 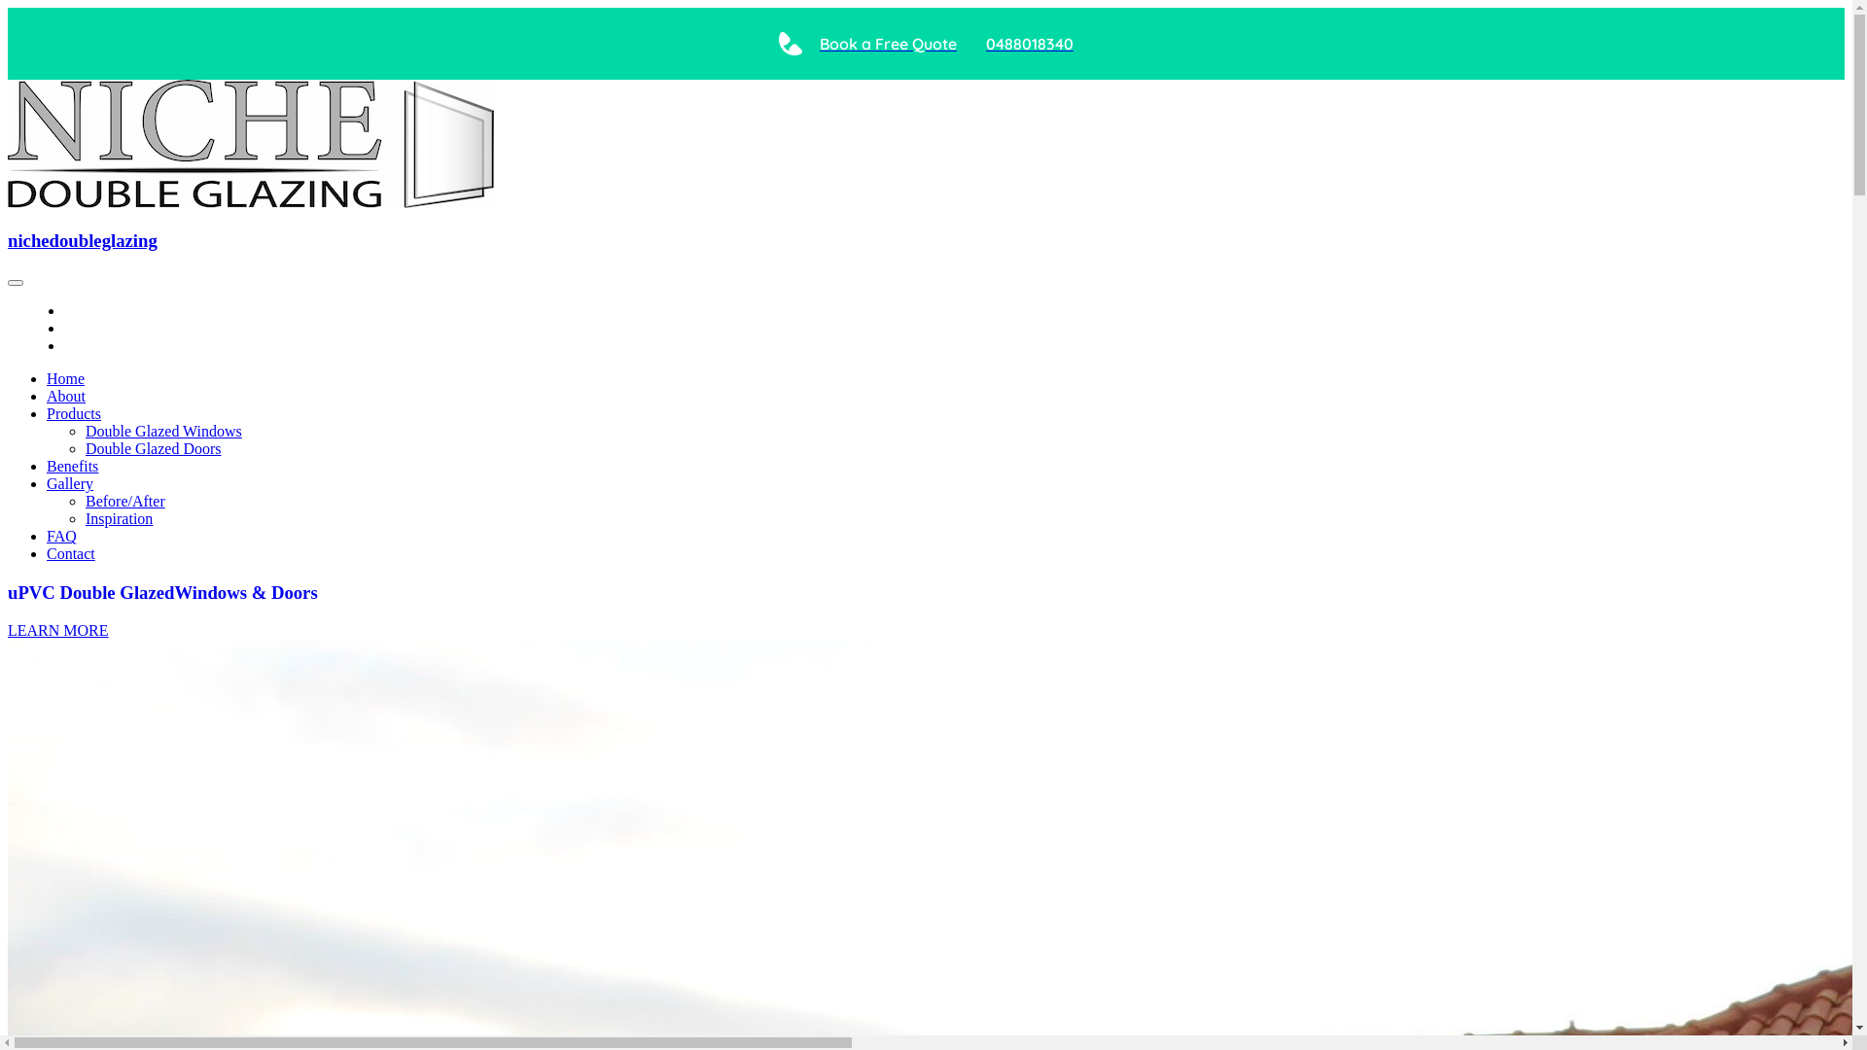 What do you see at coordinates (61, 536) in the screenshot?
I see `'FAQ'` at bounding box center [61, 536].